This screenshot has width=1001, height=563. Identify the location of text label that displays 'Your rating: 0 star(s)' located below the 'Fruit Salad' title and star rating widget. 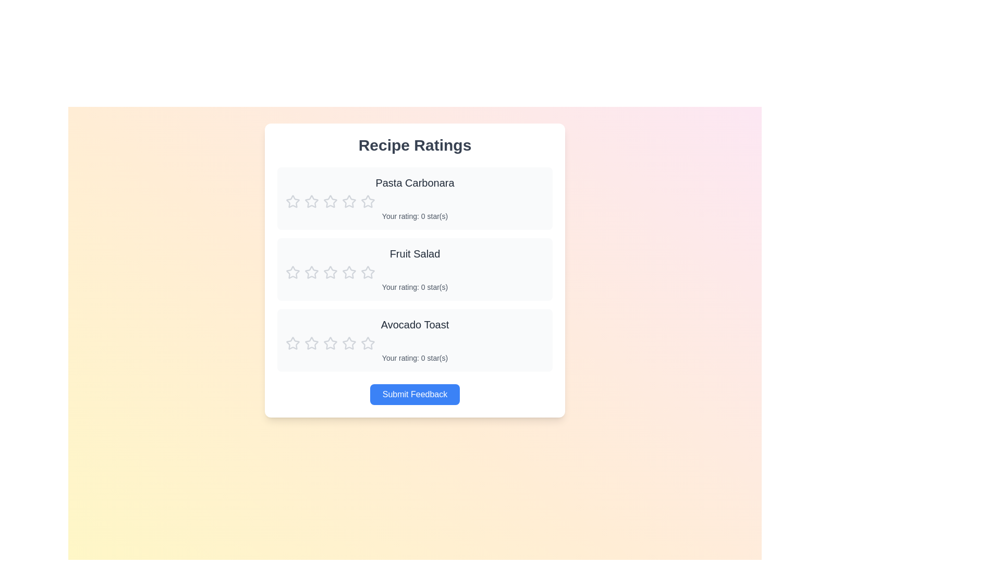
(414, 287).